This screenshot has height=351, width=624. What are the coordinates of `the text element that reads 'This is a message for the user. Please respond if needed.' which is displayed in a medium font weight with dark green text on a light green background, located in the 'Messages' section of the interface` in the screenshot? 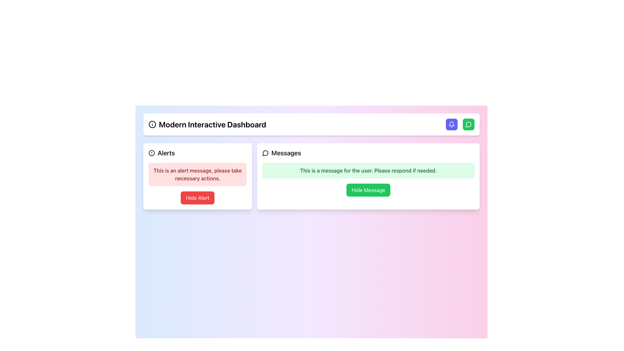 It's located at (368, 170).